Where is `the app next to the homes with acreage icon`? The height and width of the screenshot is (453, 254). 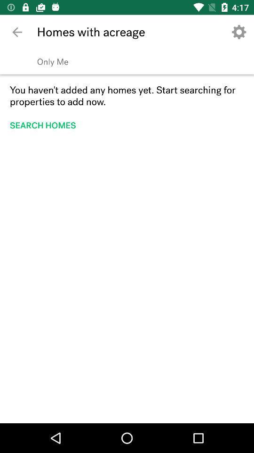
the app next to the homes with acreage icon is located at coordinates (239, 32).